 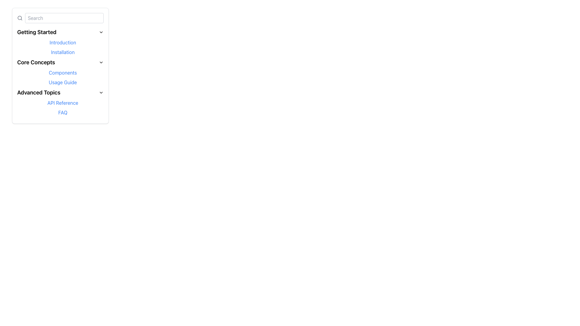 What do you see at coordinates (60, 41) in the screenshot?
I see `the 'Introduction' link in the Dropdown submenu located under the 'Getting Started' section in the left panel for navigation` at bounding box center [60, 41].